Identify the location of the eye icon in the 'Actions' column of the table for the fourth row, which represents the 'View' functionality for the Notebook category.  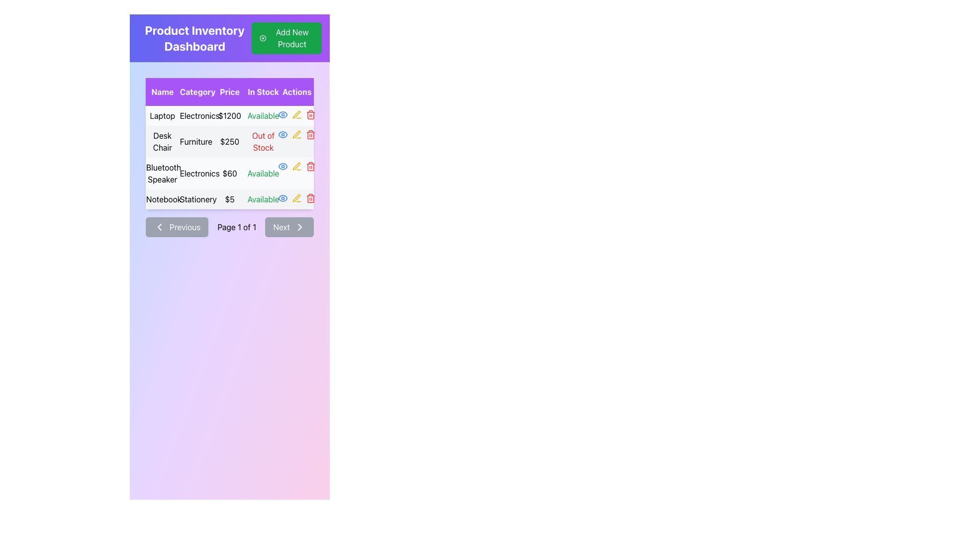
(283, 134).